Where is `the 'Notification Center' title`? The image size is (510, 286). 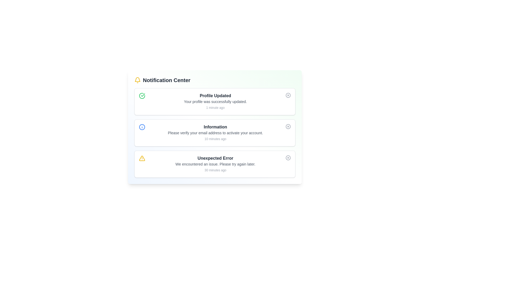 the 'Notification Center' title is located at coordinates (215, 80).